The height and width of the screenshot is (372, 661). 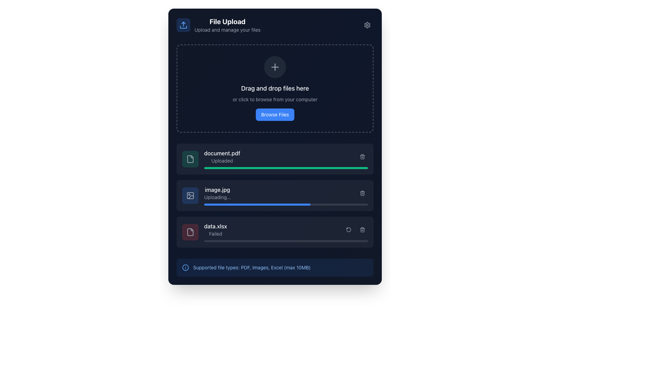 I want to click on the circular decorative icon with a dark gray background and a '+' symbol, located in the center of the file drag-and-drop area, so click(x=274, y=67).